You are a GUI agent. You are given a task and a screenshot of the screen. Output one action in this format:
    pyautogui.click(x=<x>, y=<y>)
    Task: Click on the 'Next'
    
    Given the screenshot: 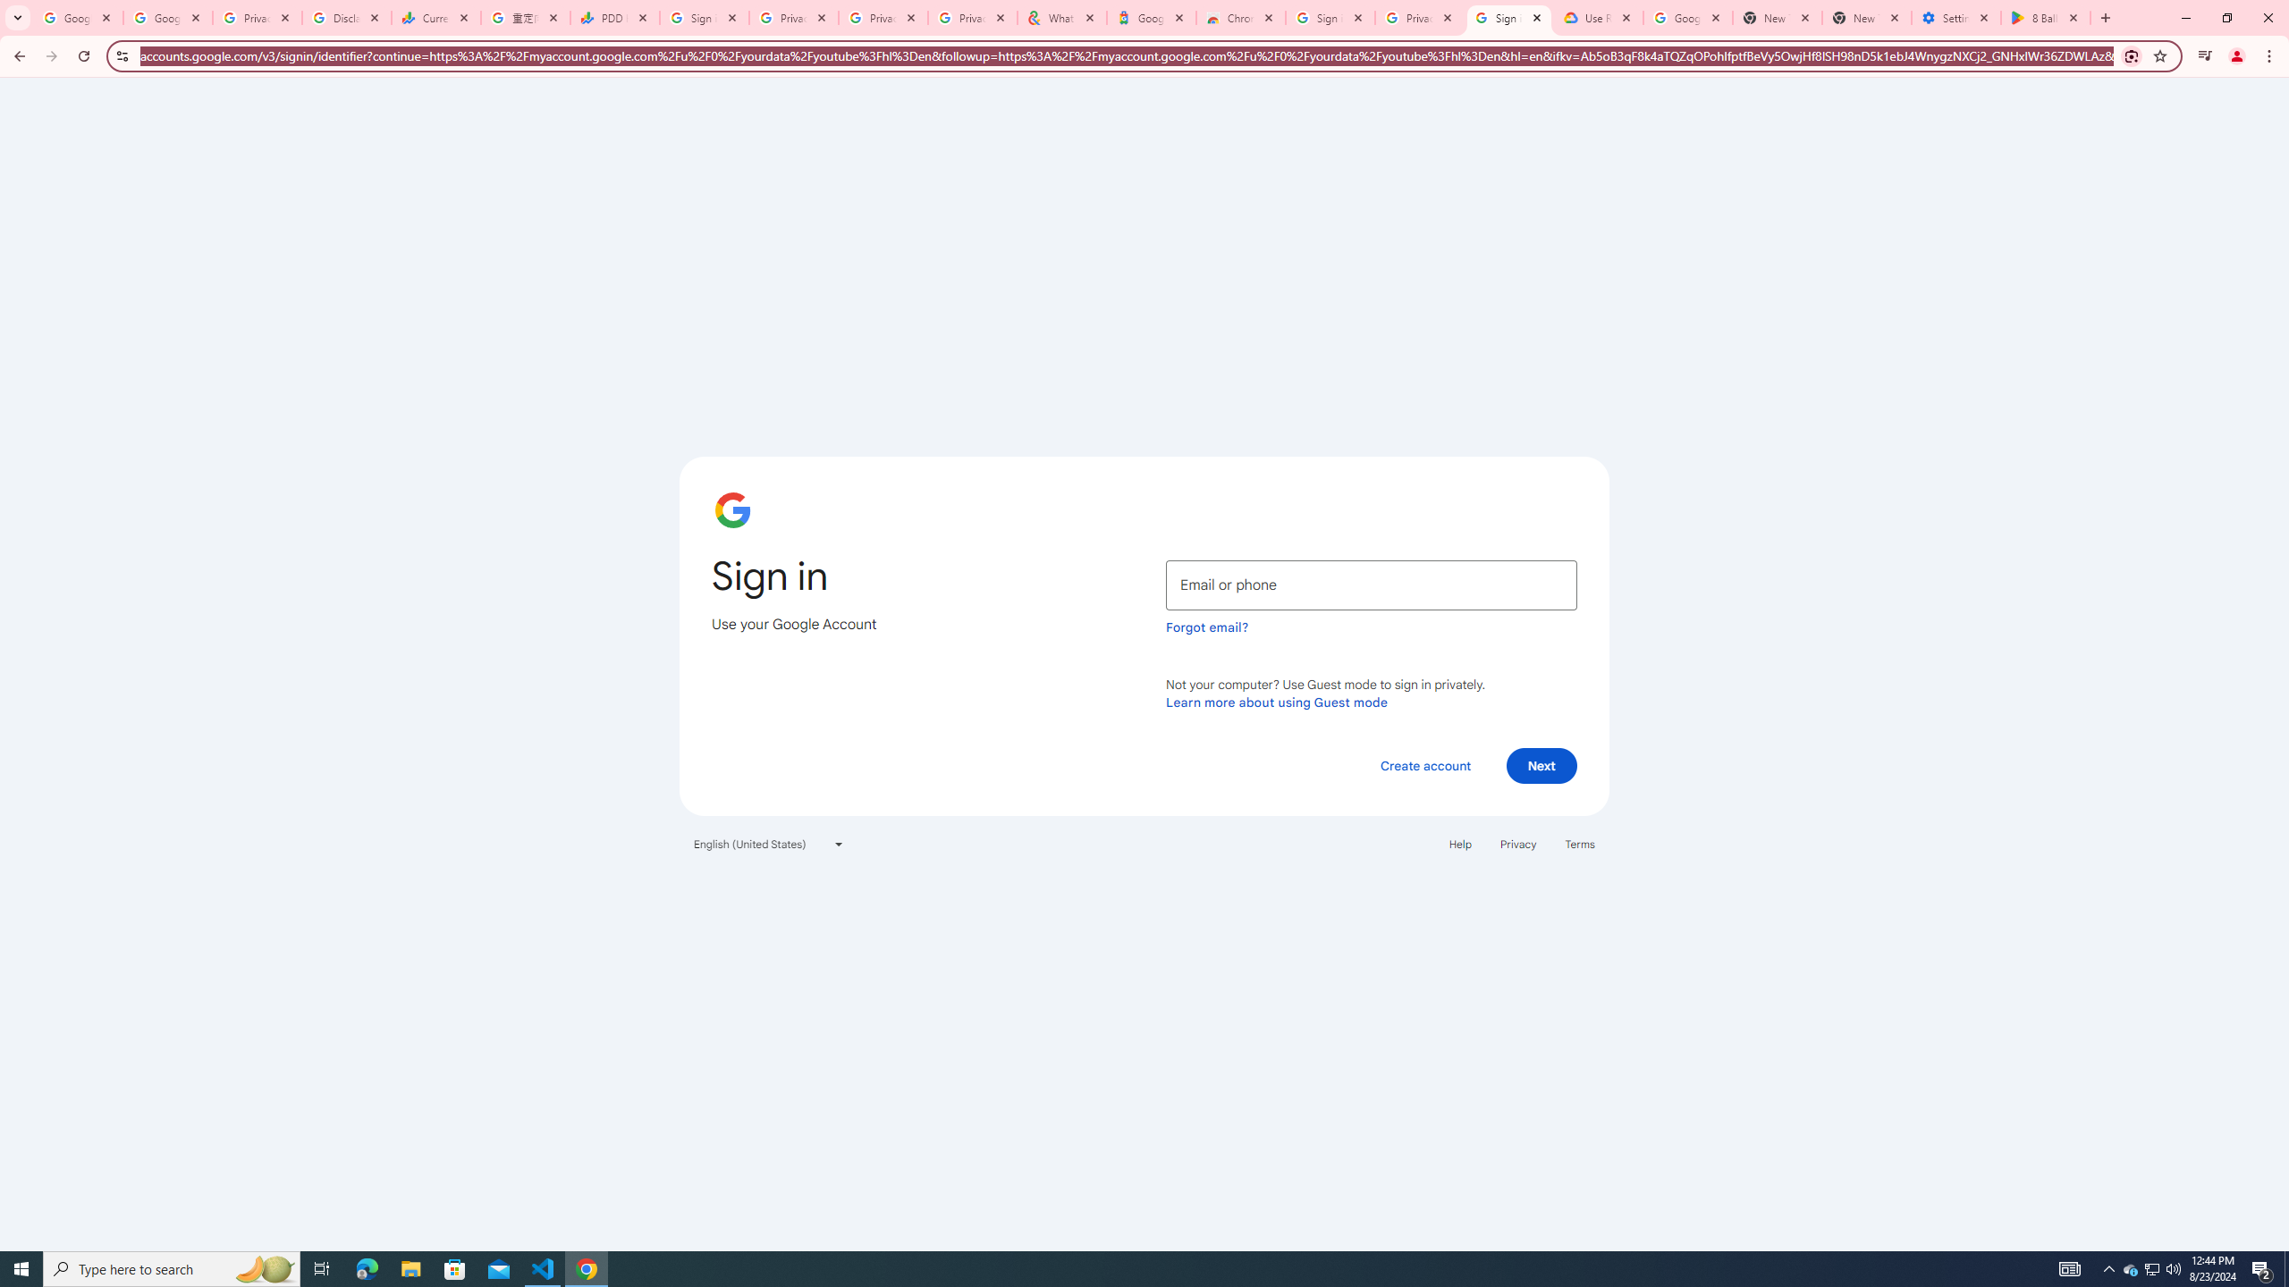 What is the action you would take?
    pyautogui.click(x=1541, y=764)
    